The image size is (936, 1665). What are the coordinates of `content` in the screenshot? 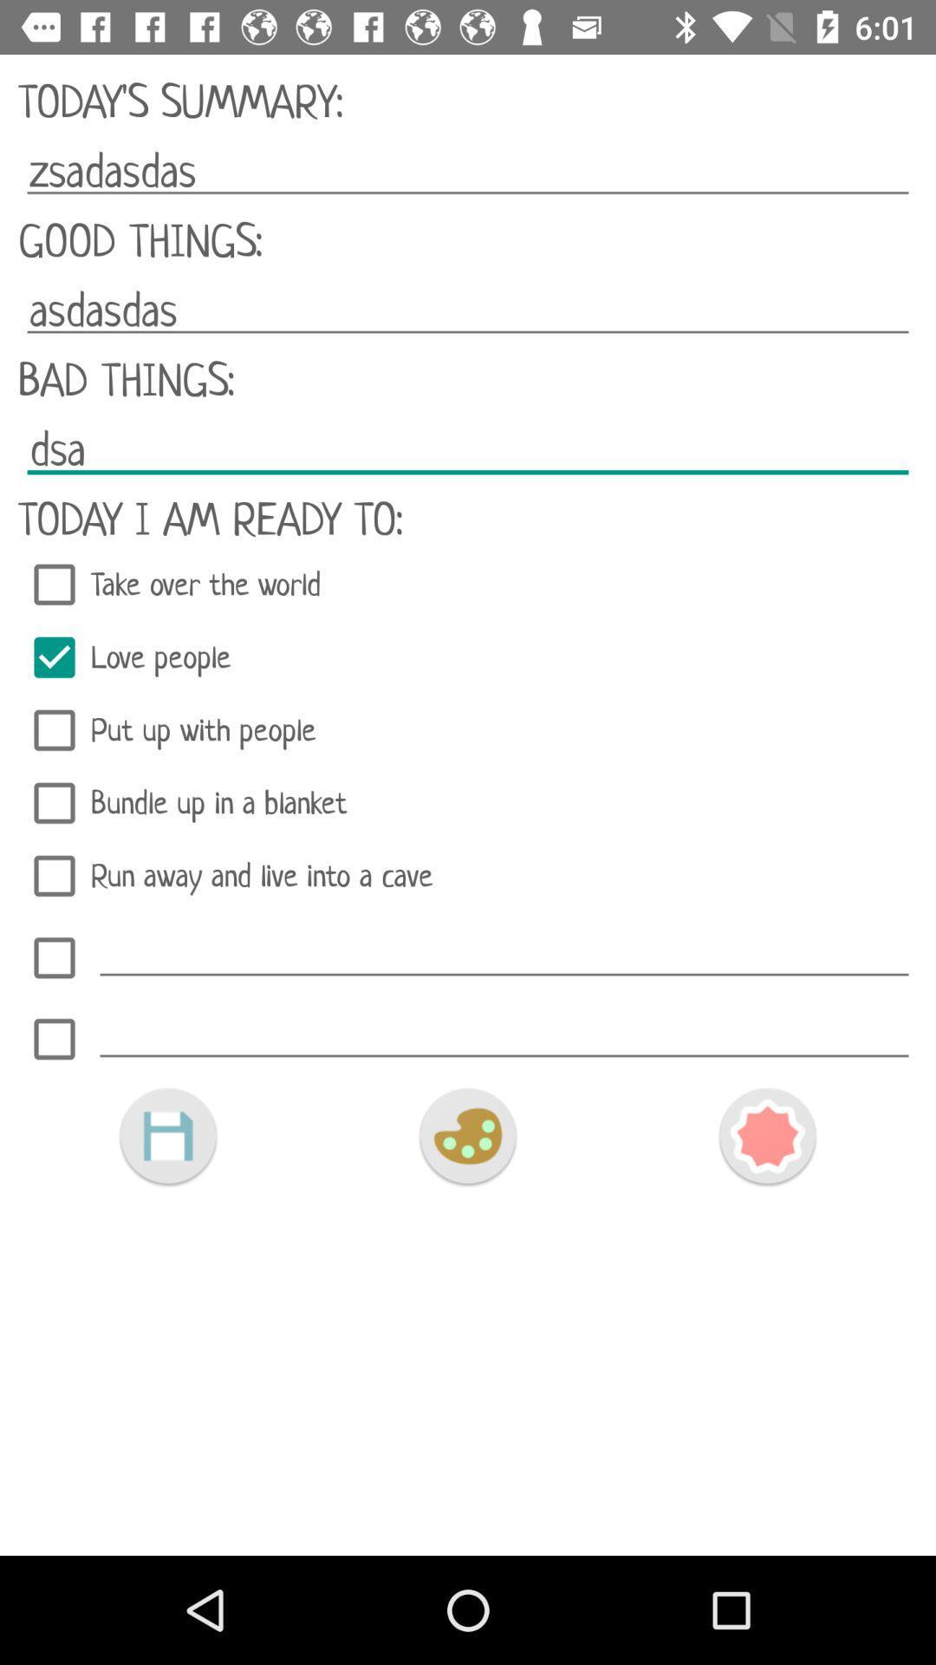 It's located at (167, 1136).